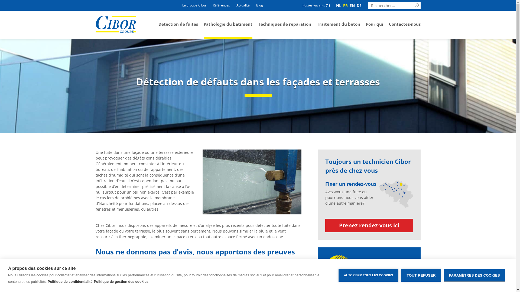 The height and width of the screenshot is (292, 520). I want to click on 'Contactez-nous', so click(405, 25).